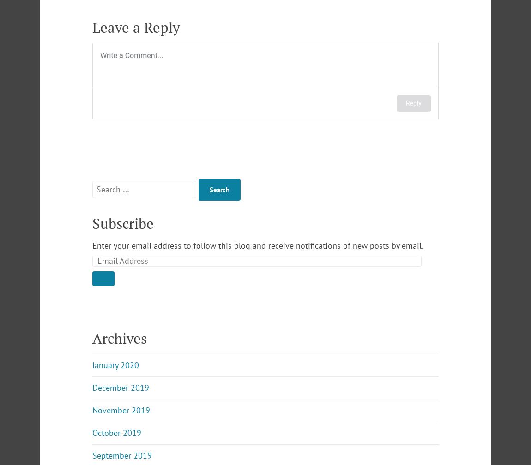 The height and width of the screenshot is (465, 531). I want to click on 'December 2019', so click(91, 387).